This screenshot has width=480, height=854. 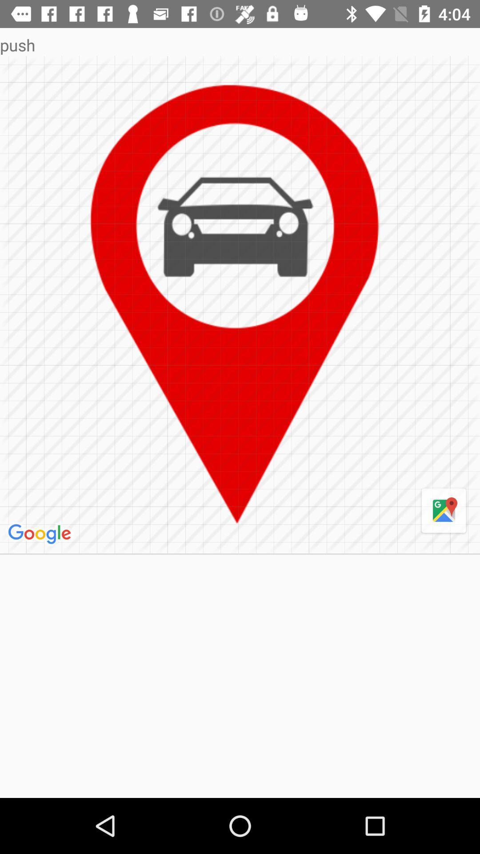 I want to click on the icon below push icon, so click(x=444, y=511).